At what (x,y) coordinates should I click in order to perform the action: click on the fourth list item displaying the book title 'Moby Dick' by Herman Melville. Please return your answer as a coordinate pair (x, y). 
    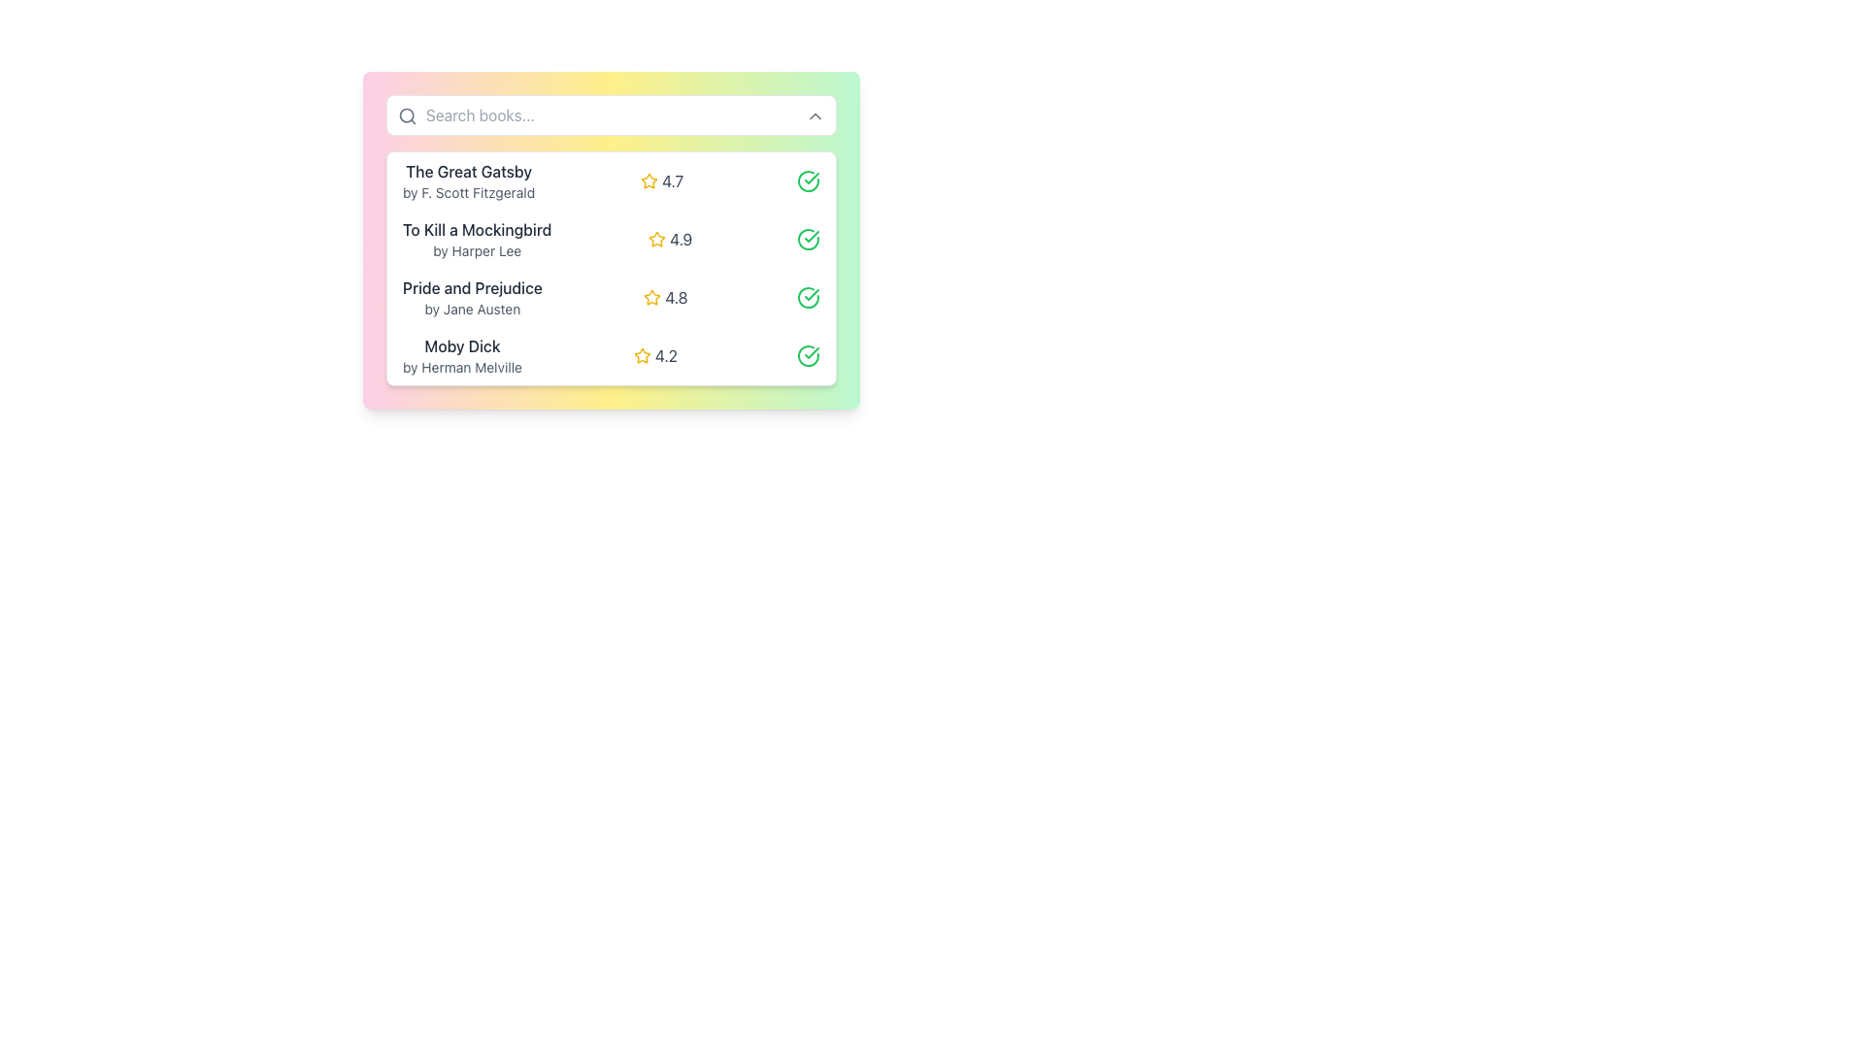
    Looking at the image, I should click on (610, 355).